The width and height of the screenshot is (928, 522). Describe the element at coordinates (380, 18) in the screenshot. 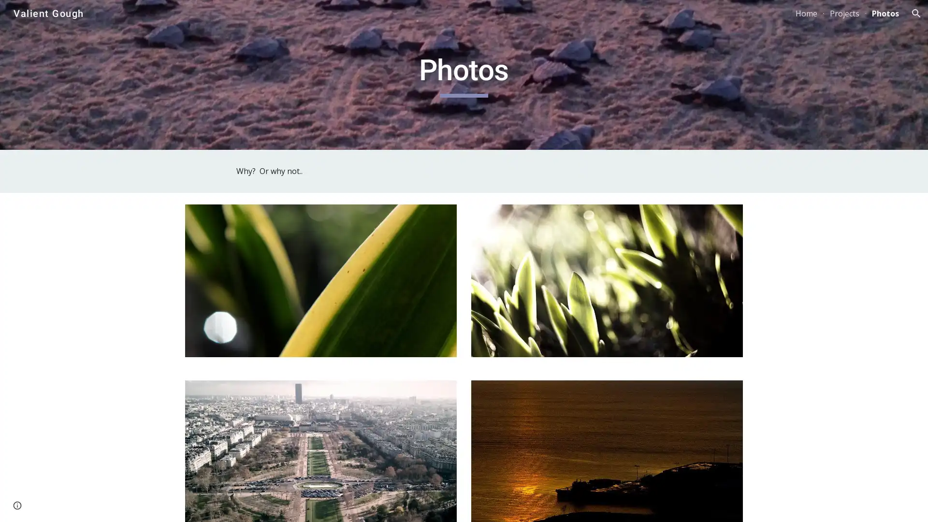

I see `Skip to main content` at that location.